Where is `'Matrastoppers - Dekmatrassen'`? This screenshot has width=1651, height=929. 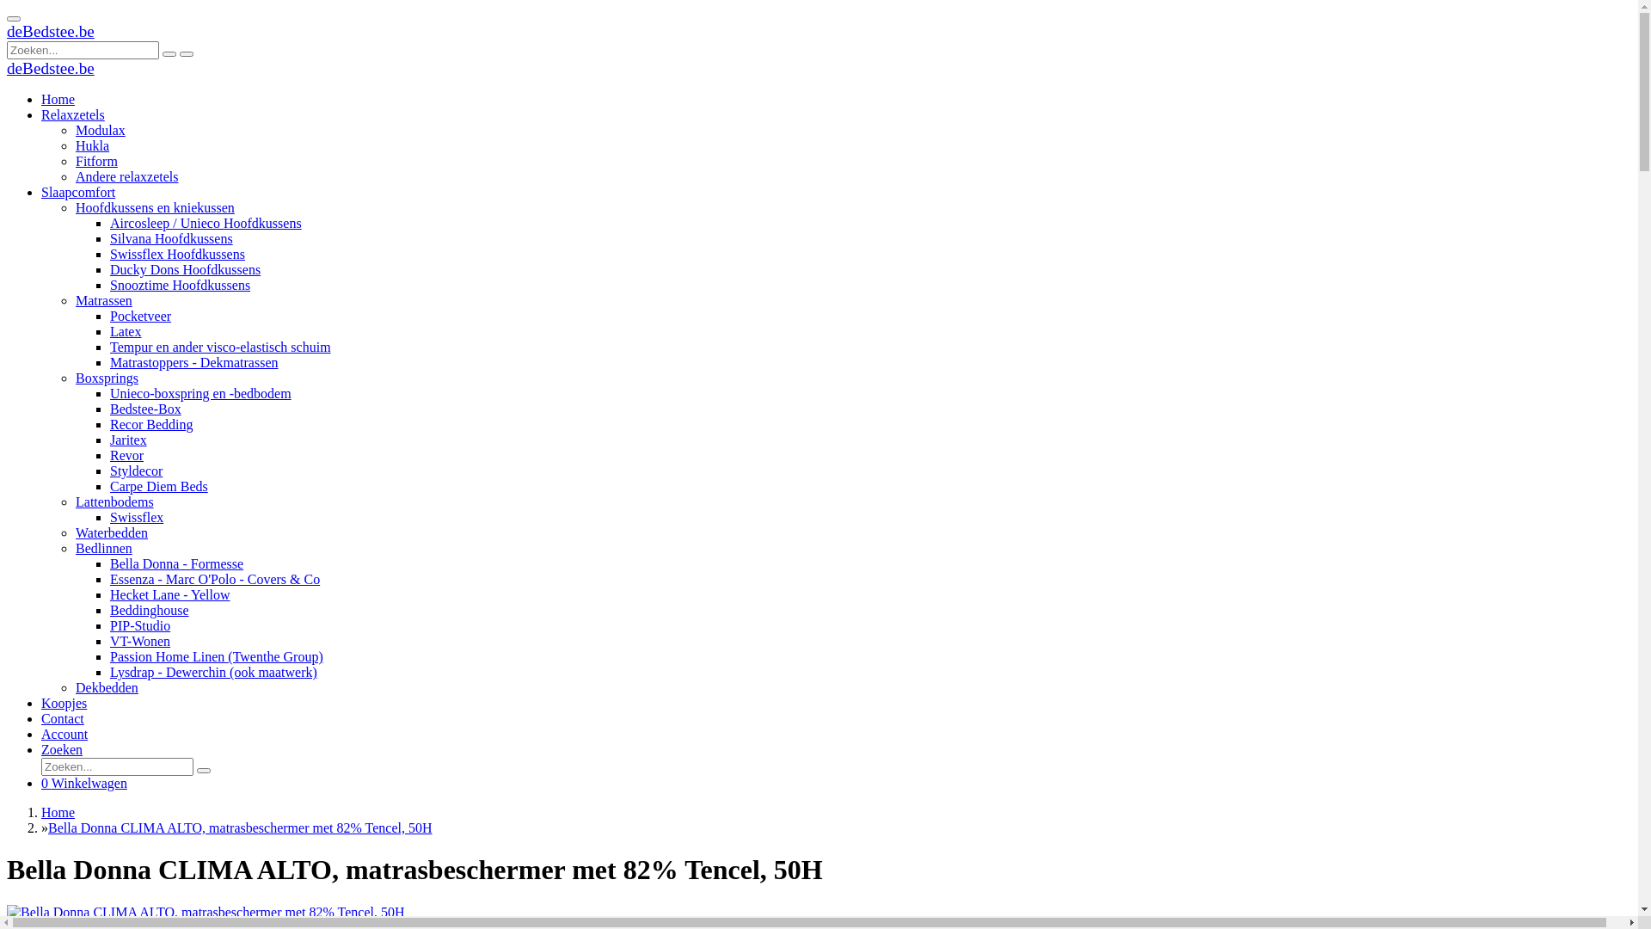
'Matrastoppers - Dekmatrassen' is located at coordinates (193, 361).